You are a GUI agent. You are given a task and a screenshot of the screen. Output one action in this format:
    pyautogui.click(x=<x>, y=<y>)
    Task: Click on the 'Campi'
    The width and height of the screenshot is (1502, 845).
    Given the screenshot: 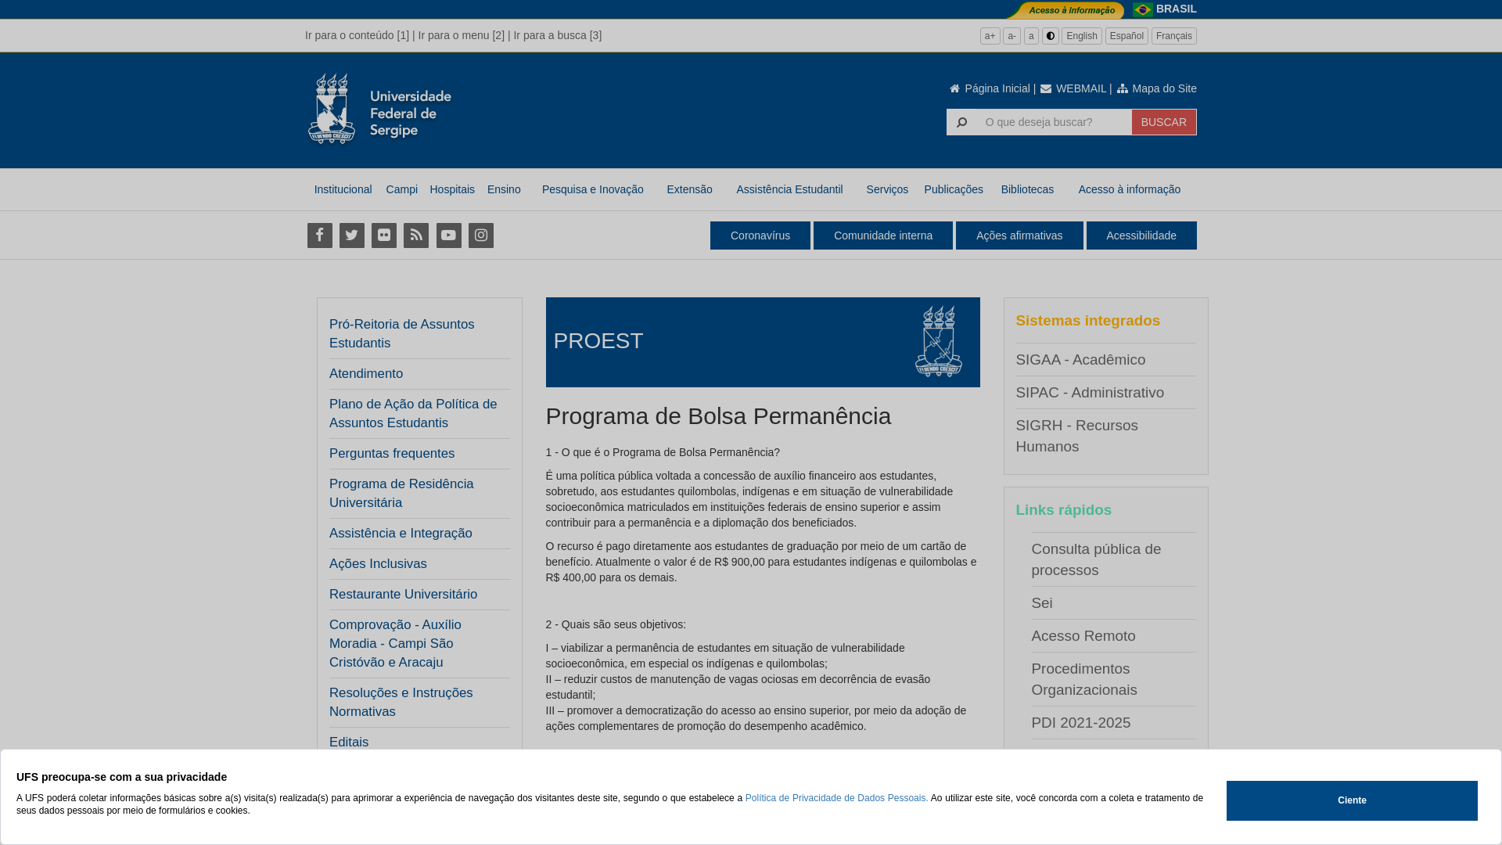 What is the action you would take?
    pyautogui.click(x=380, y=189)
    